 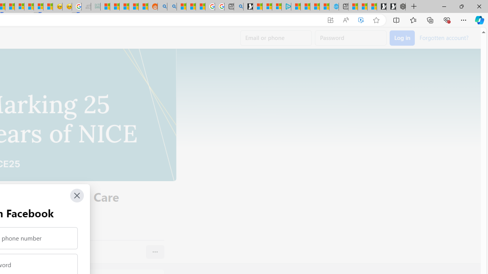 I want to click on 'Navy Quest', so click(x=86, y=6).